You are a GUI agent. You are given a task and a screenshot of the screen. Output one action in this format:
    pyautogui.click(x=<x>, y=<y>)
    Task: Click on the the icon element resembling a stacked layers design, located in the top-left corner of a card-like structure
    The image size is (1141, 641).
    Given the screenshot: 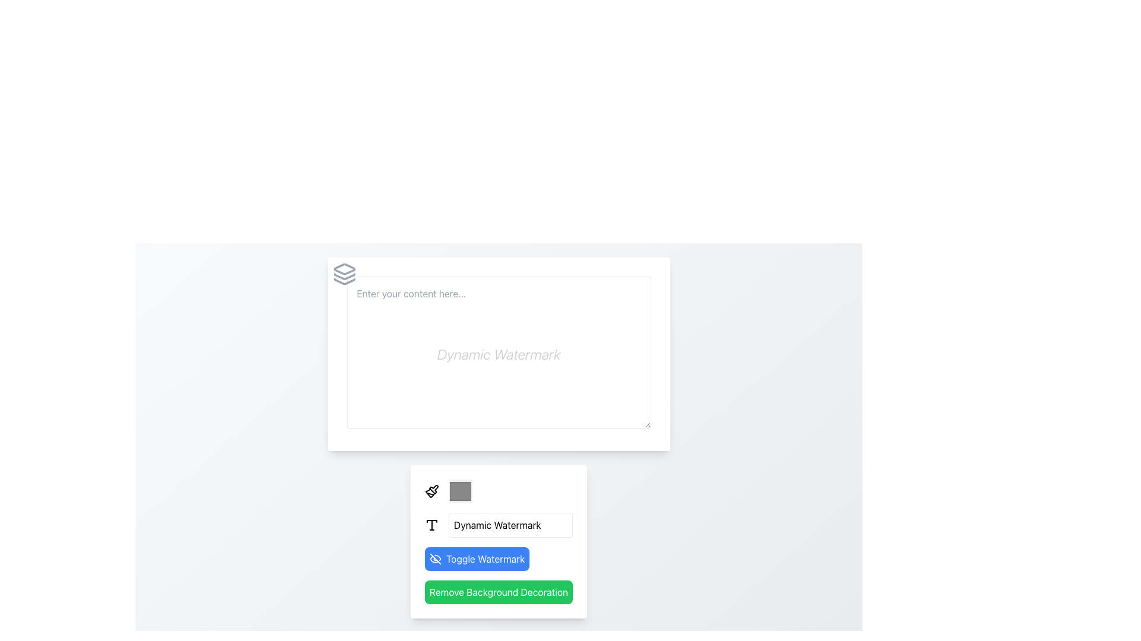 What is the action you would take?
    pyautogui.click(x=343, y=274)
    